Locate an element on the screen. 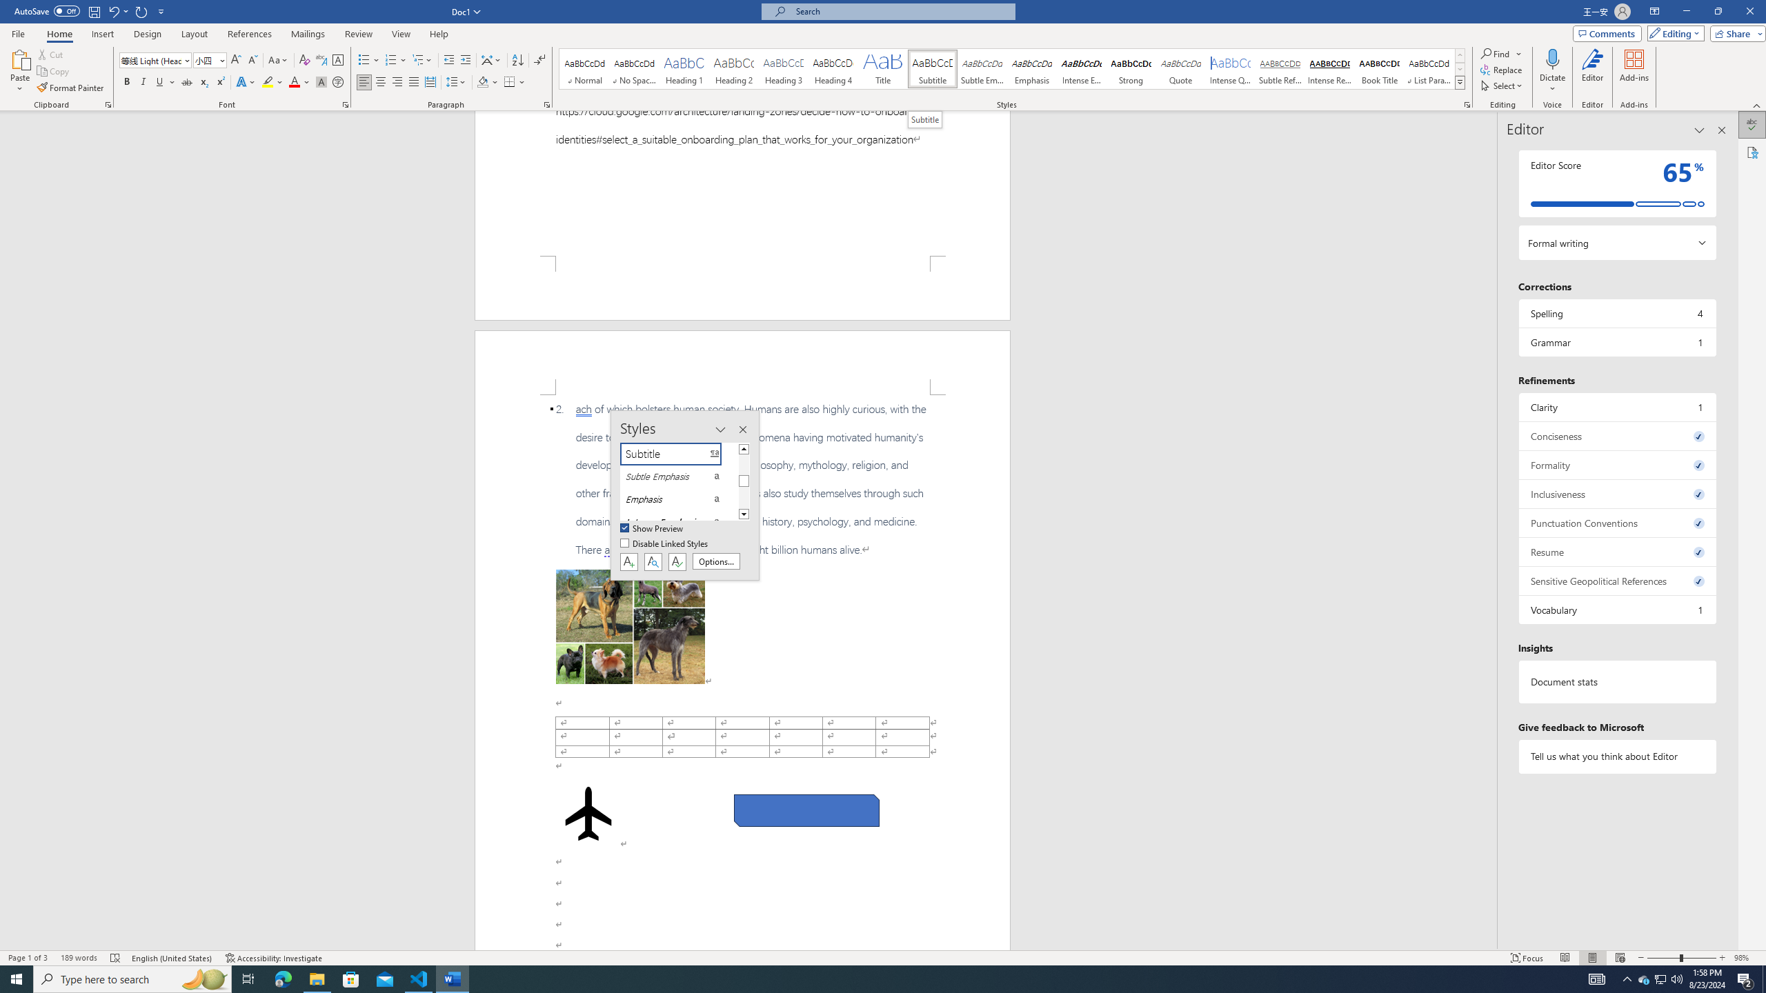 This screenshot has height=993, width=1766. 'Class: NetUIImage' is located at coordinates (1460, 82).